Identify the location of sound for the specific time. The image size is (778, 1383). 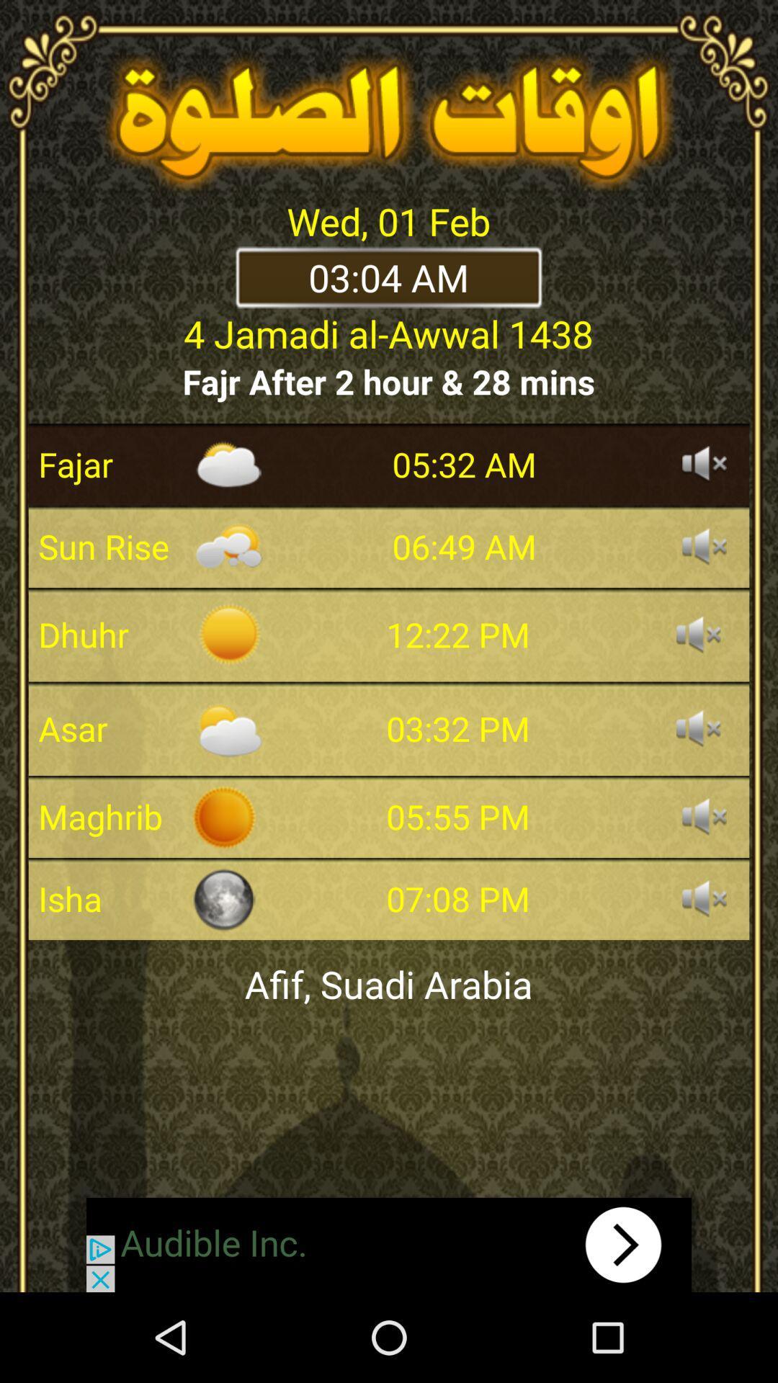
(704, 898).